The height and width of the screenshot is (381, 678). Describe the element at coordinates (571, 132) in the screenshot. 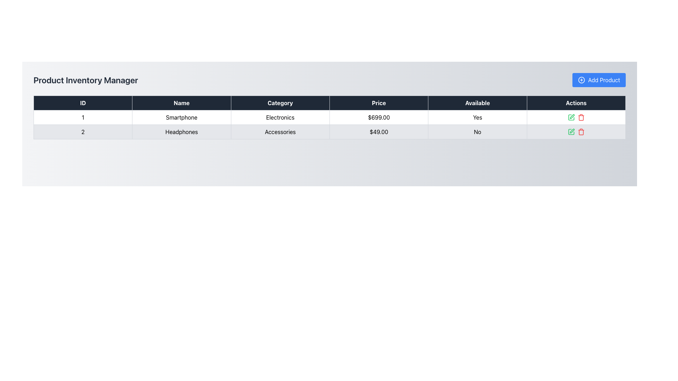

I see `the green pen icon button in the Actions column of the second row` at that location.